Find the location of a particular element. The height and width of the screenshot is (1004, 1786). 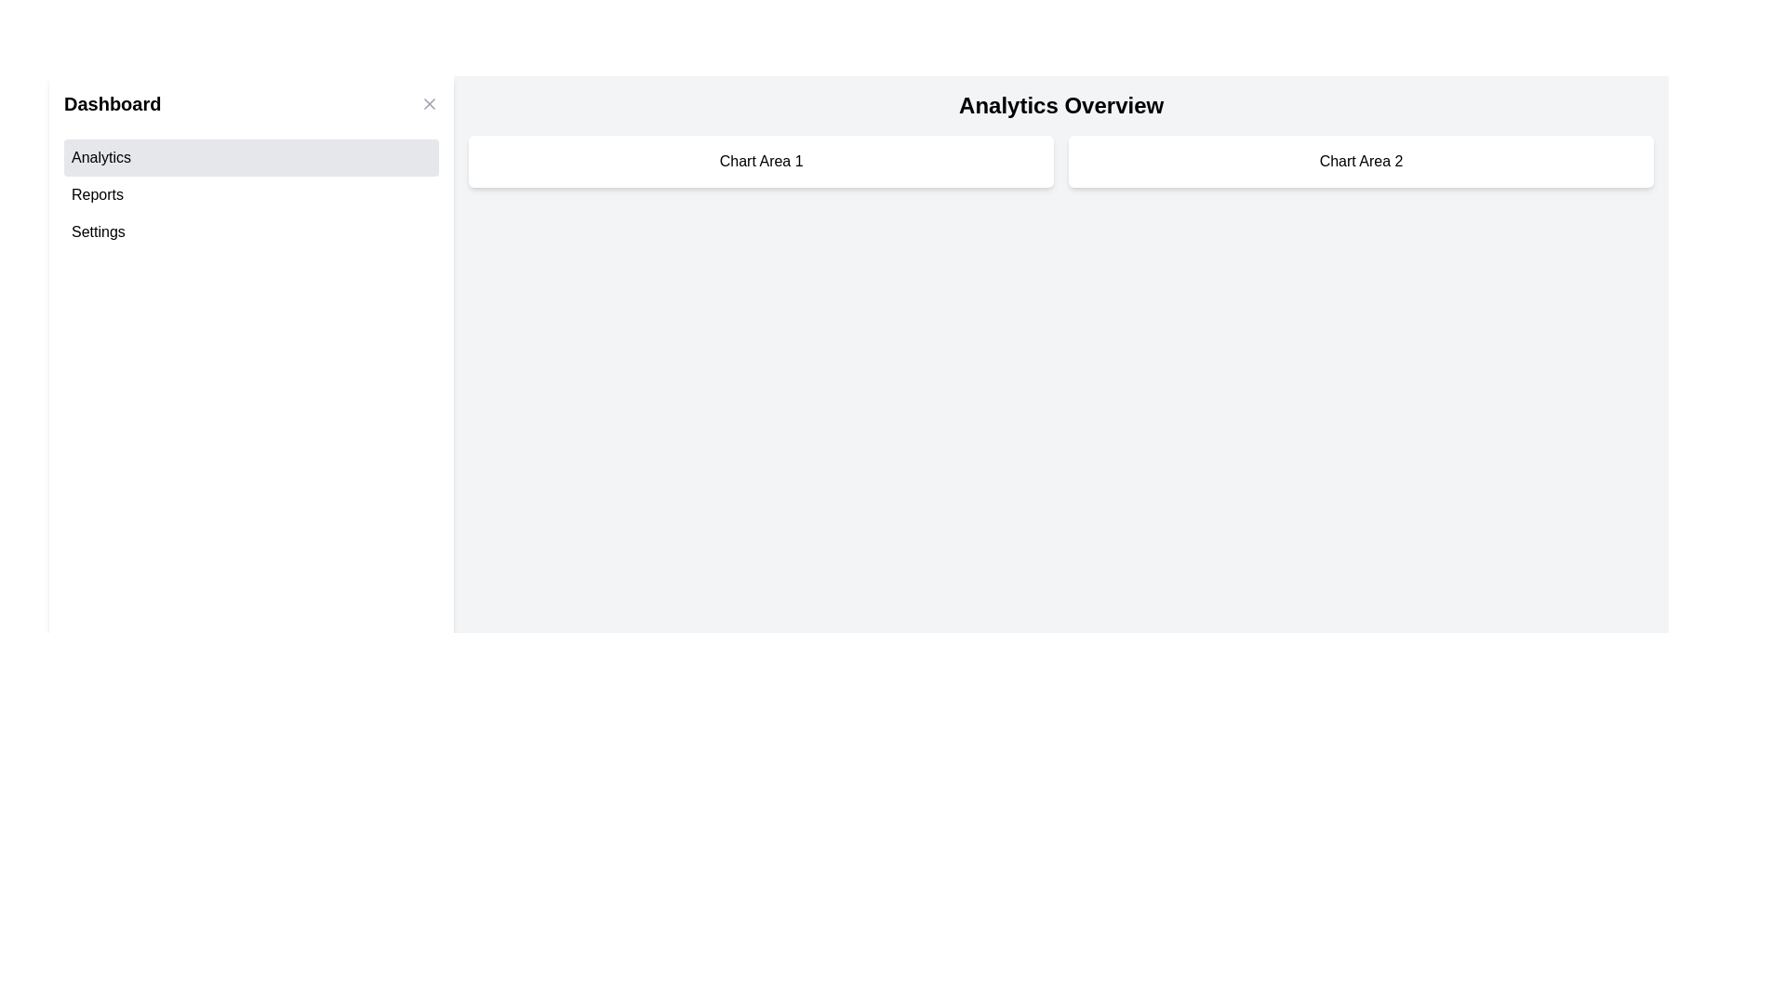

the small gray 'X' button in the top-right corner of the Dashboard panel is located at coordinates (429, 103).